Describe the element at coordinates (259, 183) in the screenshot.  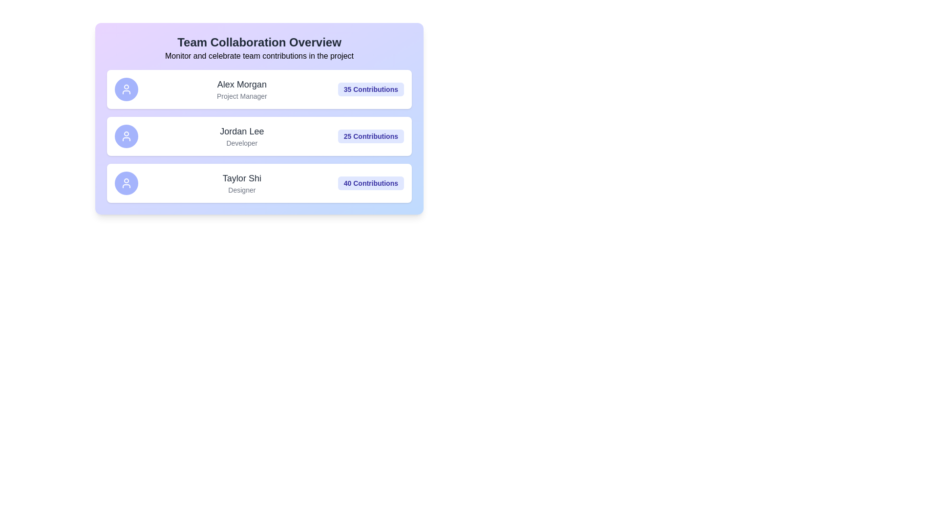
I see `the card of the member Taylor Shi to preview their details` at that location.